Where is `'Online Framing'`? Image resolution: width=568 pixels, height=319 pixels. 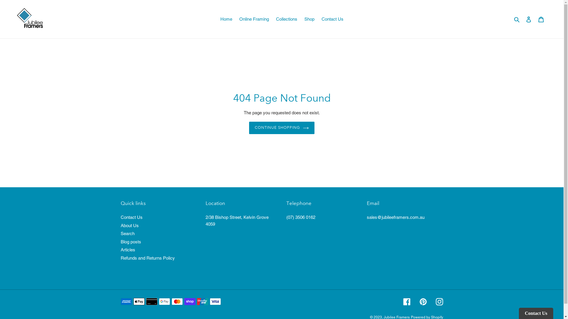 'Online Framing' is located at coordinates (254, 19).